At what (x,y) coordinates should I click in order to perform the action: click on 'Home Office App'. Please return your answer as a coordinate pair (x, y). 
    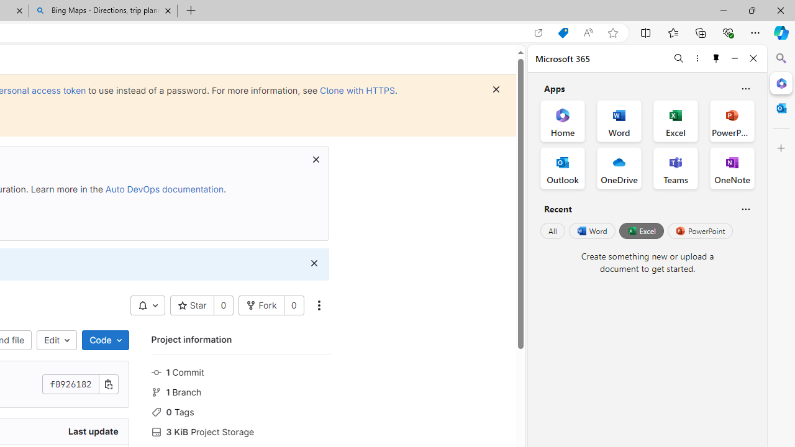
    Looking at the image, I should click on (562, 121).